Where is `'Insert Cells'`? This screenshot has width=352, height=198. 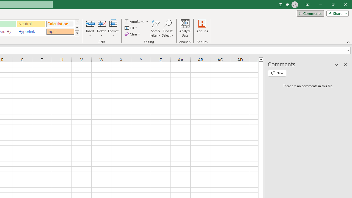 'Insert Cells' is located at coordinates (90, 23).